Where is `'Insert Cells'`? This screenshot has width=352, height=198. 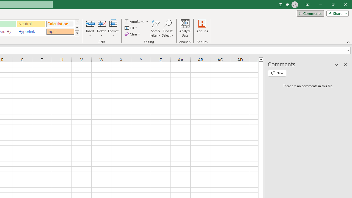 'Insert Cells' is located at coordinates (90, 23).